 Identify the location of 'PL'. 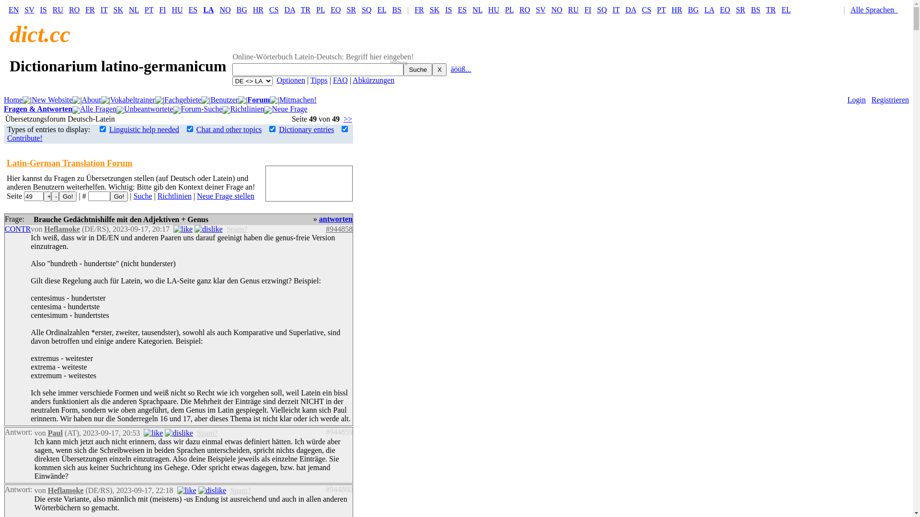
(508, 10).